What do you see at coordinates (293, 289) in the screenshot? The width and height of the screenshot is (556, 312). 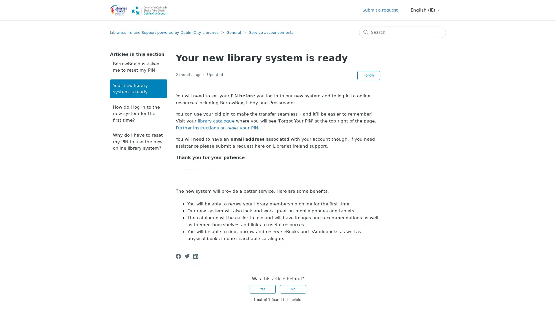 I see `This article was not helpful` at bounding box center [293, 289].